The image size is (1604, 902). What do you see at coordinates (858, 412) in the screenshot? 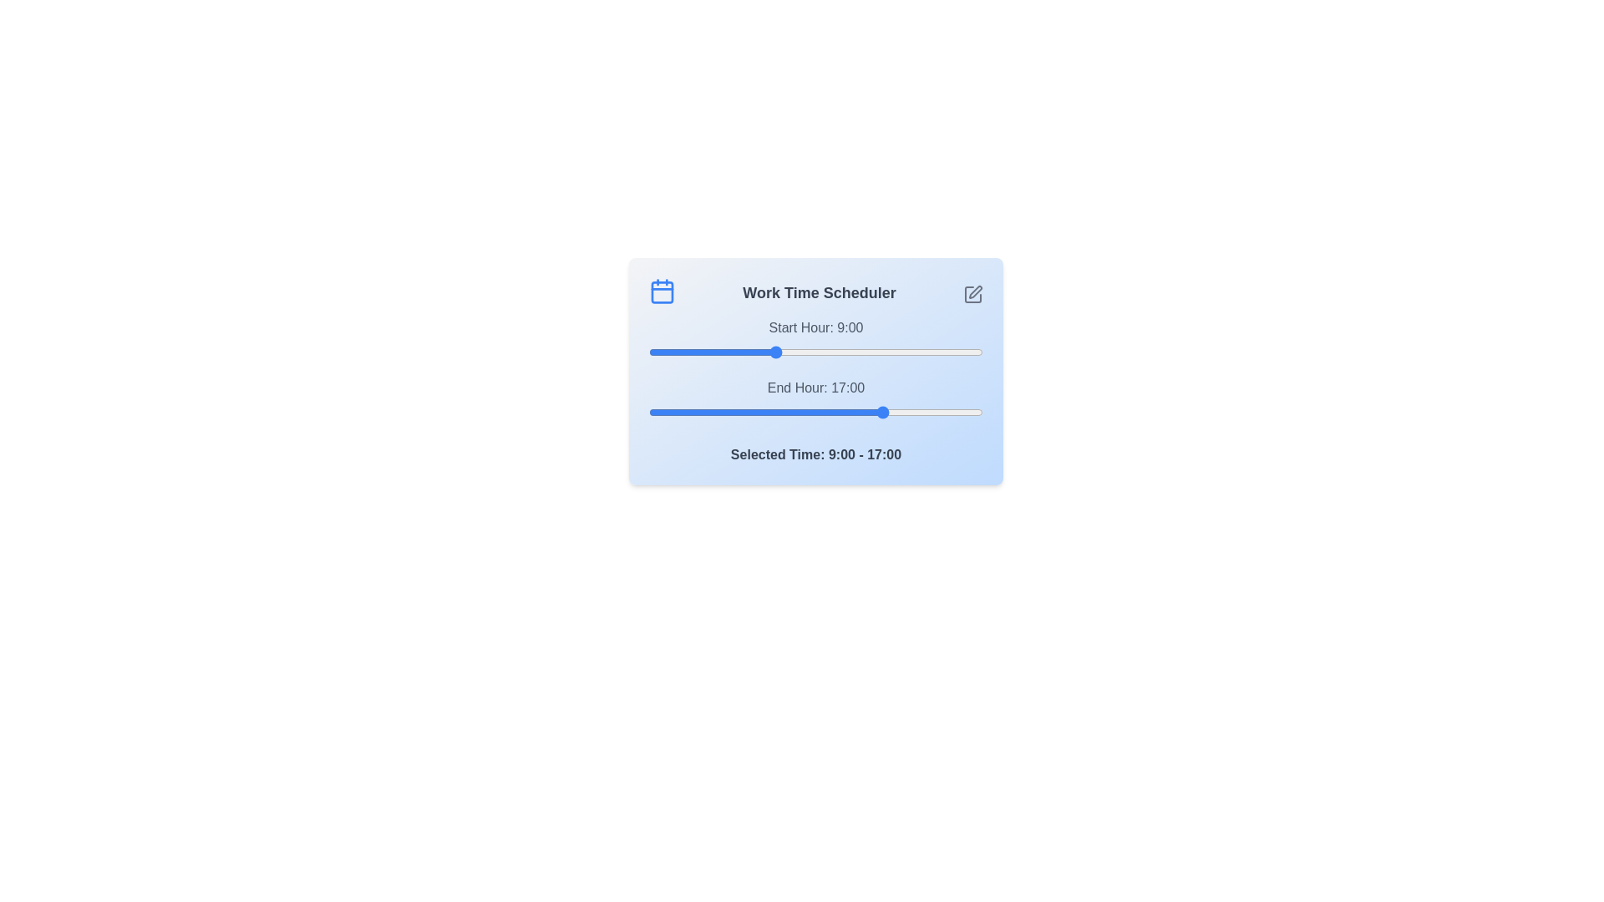
I see `the end time slider to 15 where 15 is in the range 0 to 24` at bounding box center [858, 412].